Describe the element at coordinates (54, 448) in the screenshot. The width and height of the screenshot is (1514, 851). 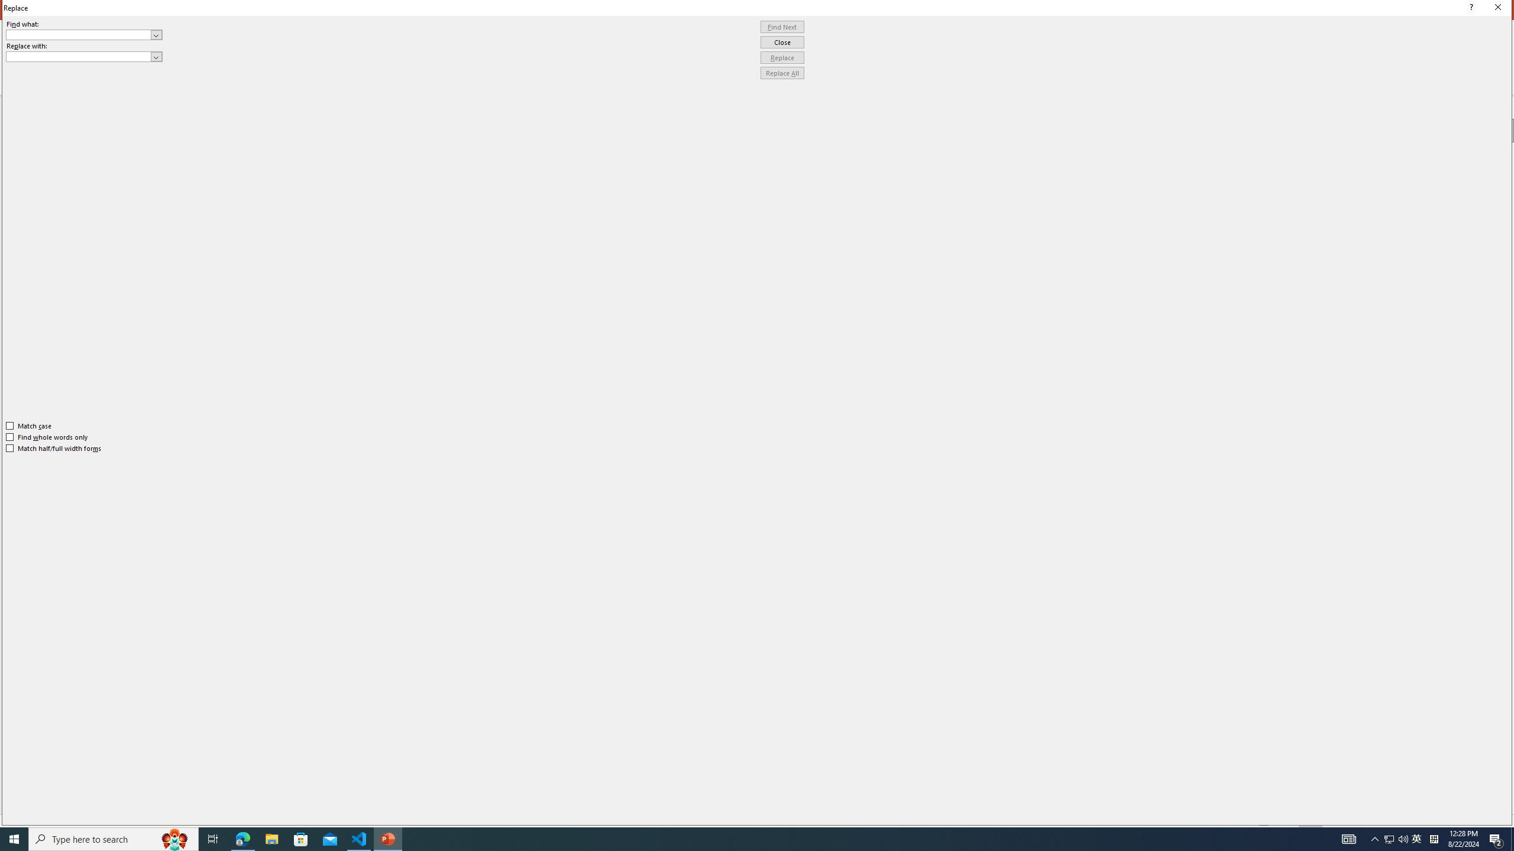
I see `'Match half/full width forms'` at that location.